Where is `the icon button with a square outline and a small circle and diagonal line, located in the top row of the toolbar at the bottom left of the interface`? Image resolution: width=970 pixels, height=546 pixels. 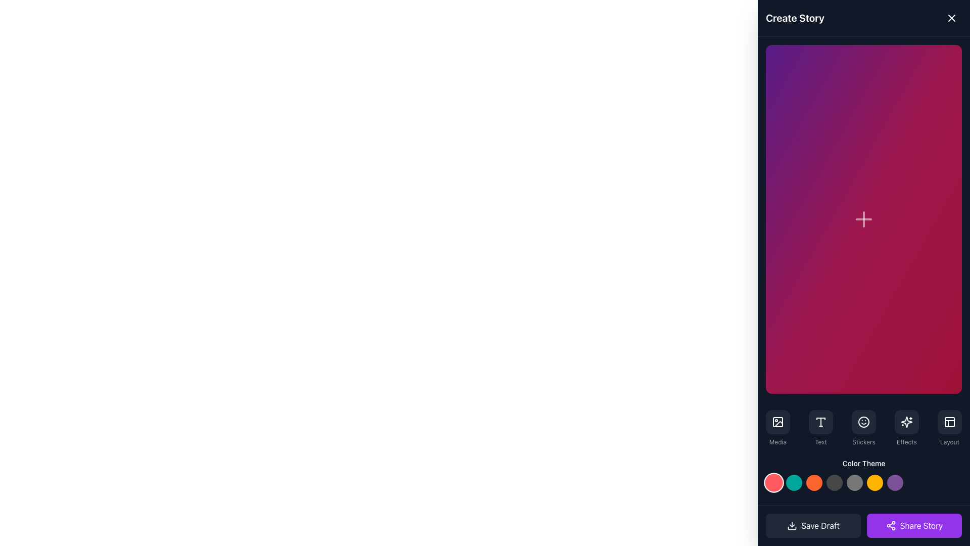
the icon button with a square outline and a small circle and diagonal line, located in the top row of the toolbar at the bottom left of the interface is located at coordinates (778, 421).